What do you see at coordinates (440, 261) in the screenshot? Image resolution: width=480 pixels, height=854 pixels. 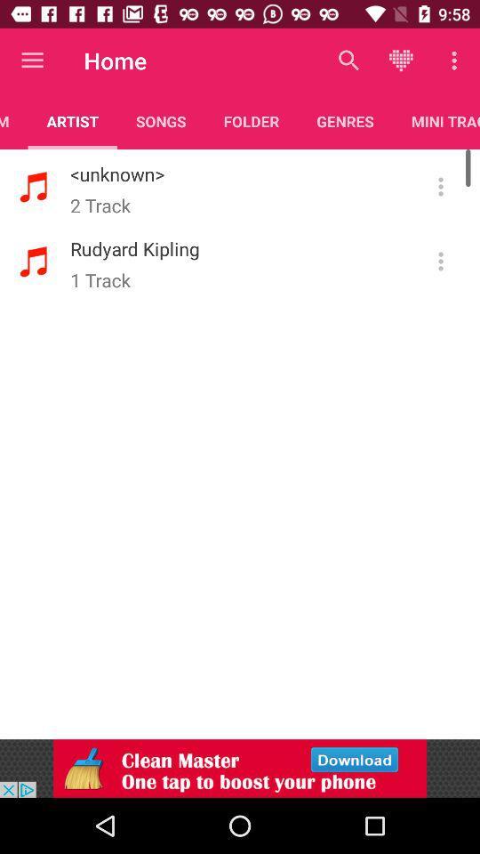 I see `menu` at bounding box center [440, 261].